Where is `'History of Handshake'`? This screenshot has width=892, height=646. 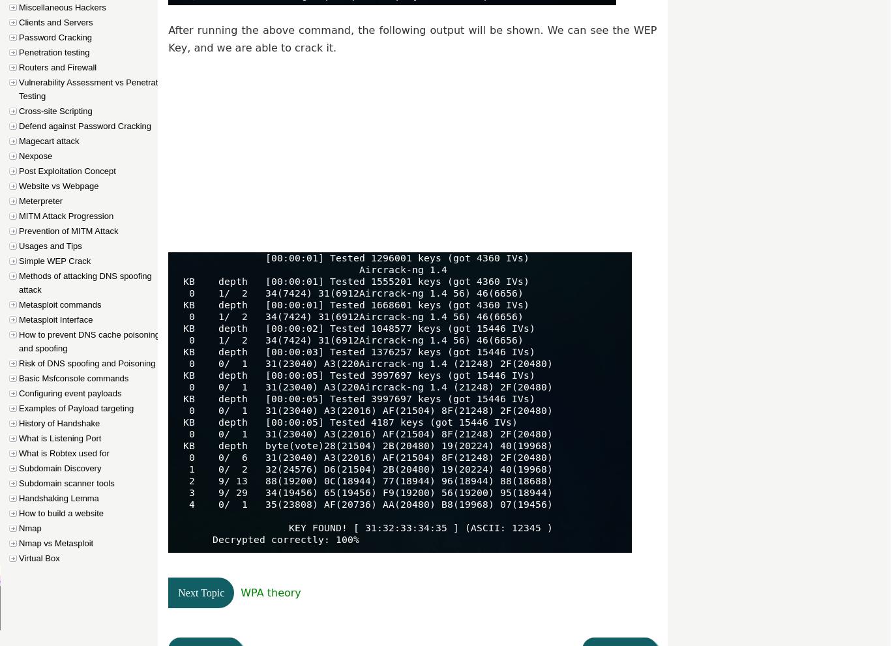 'History of Handshake' is located at coordinates (59, 422).